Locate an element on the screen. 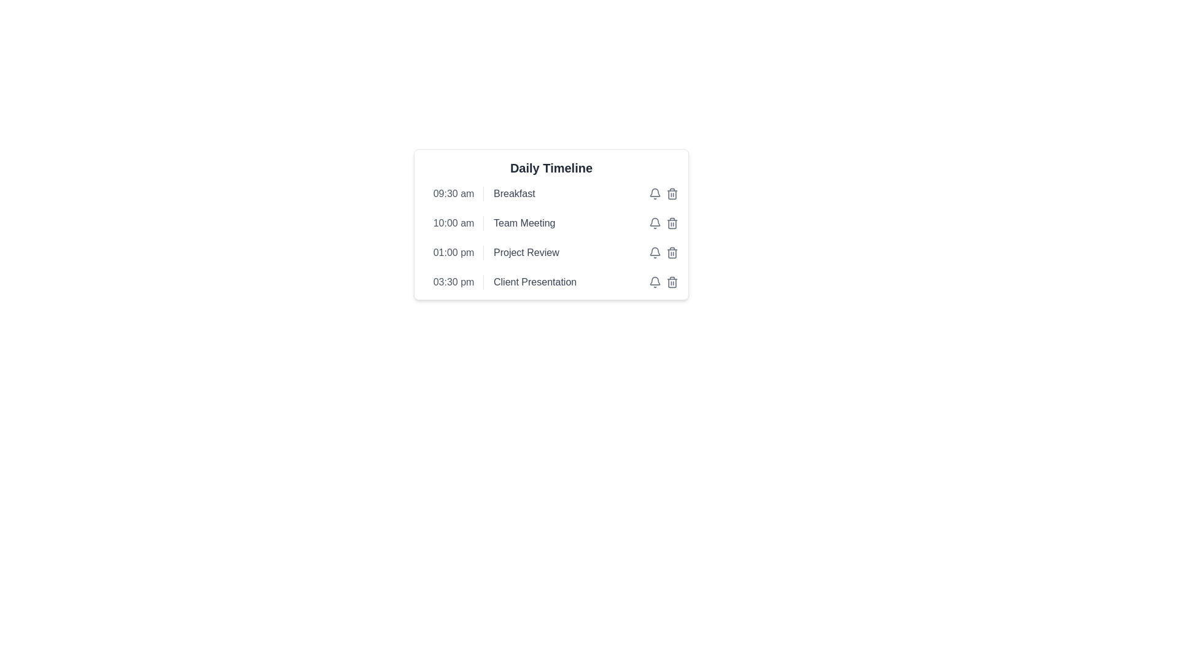 The height and width of the screenshot is (663, 1179). the topmost delete icon button with a trash bin symbol located in the column of delete icons on the right side of the timeline is located at coordinates (671, 193).